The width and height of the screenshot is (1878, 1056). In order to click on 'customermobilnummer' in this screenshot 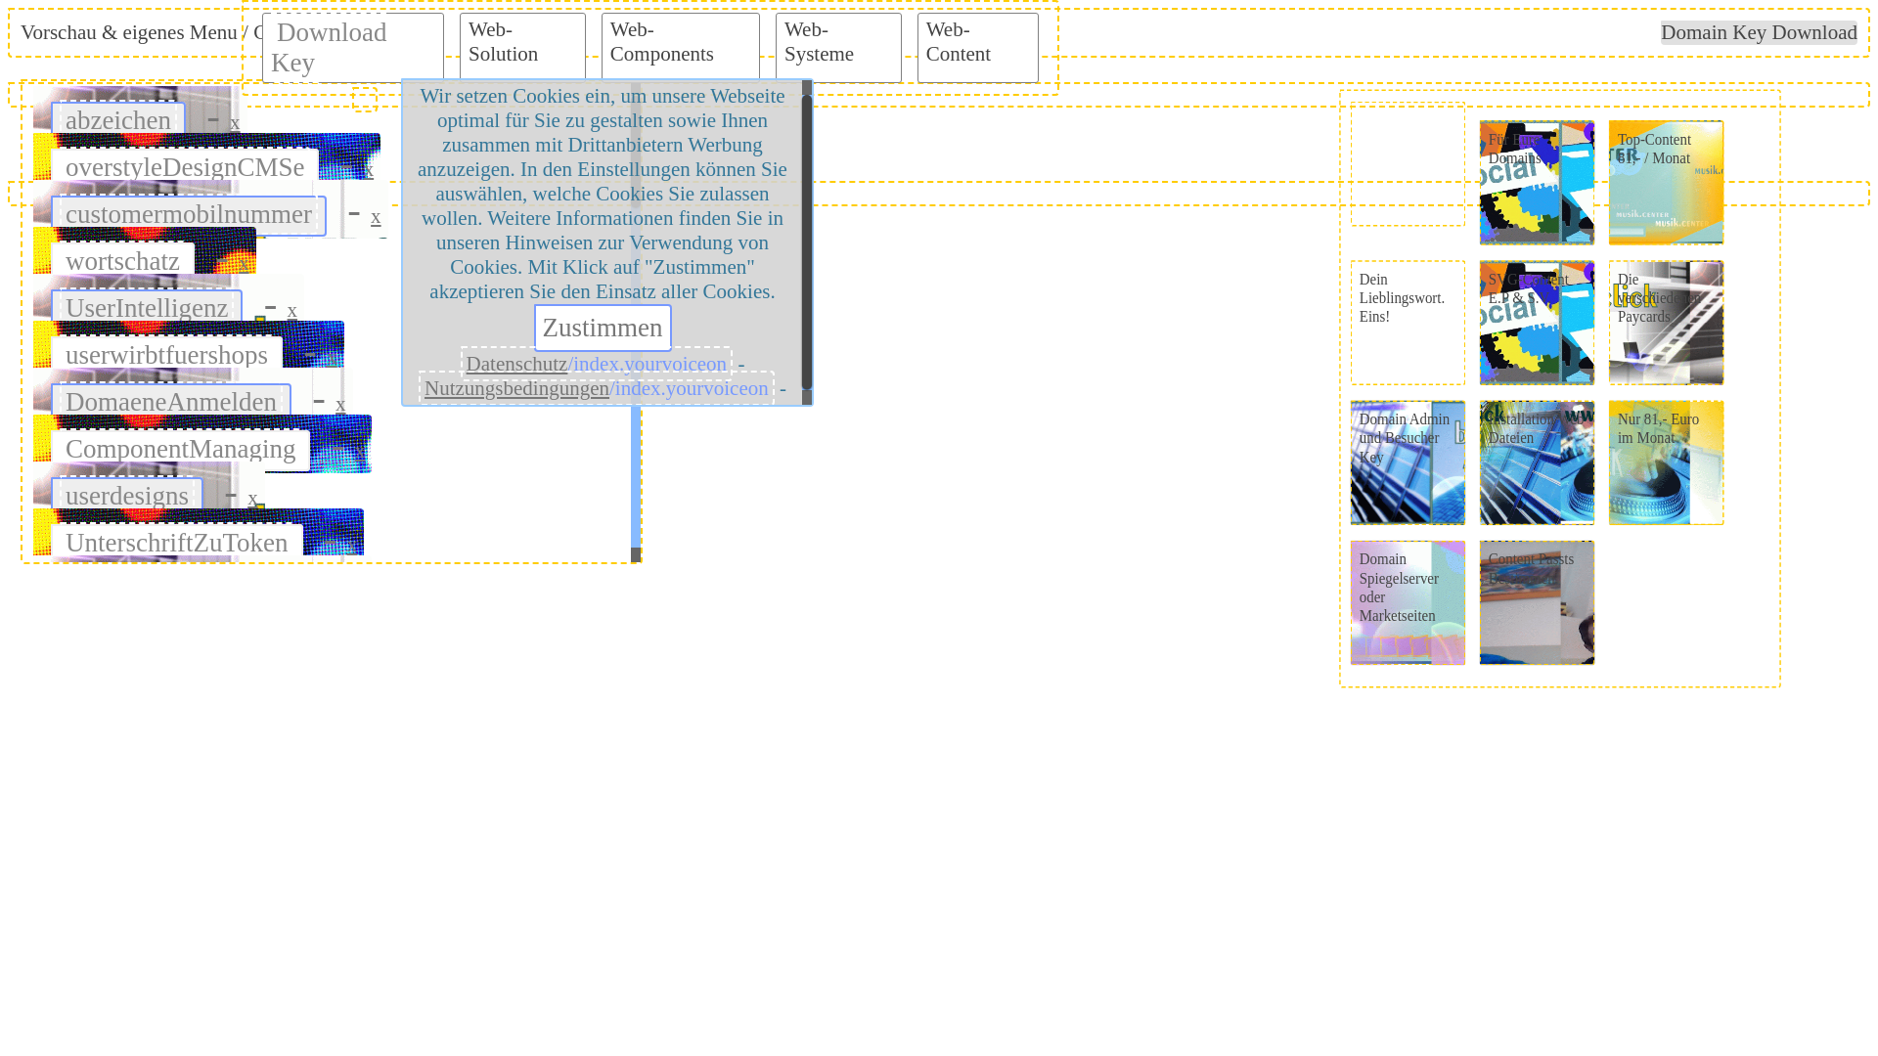, I will do `click(188, 214)`.